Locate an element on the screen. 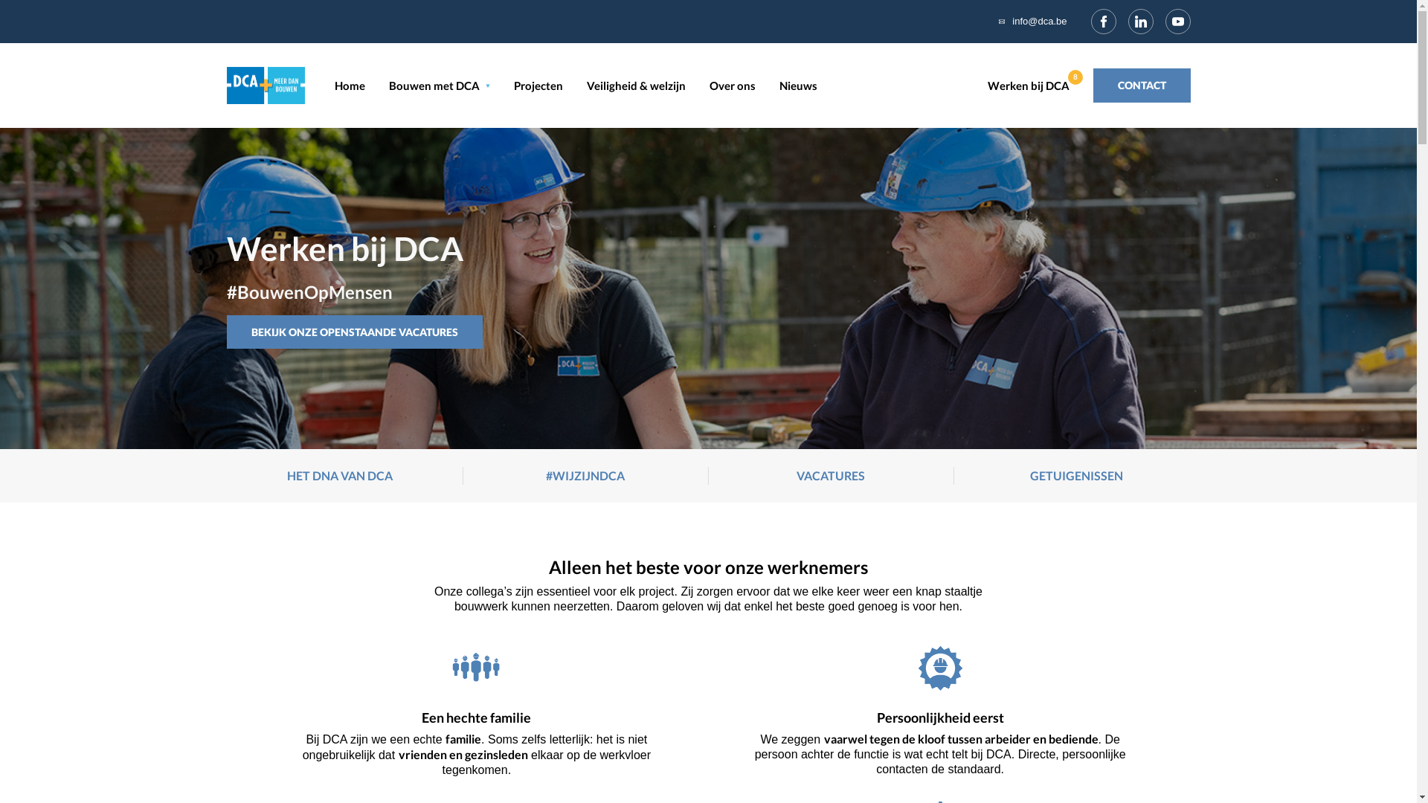 This screenshot has height=803, width=1428. 'Over ons' is located at coordinates (709, 86).